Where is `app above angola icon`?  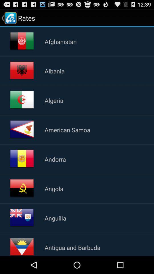
app above angola icon is located at coordinates (55, 159).